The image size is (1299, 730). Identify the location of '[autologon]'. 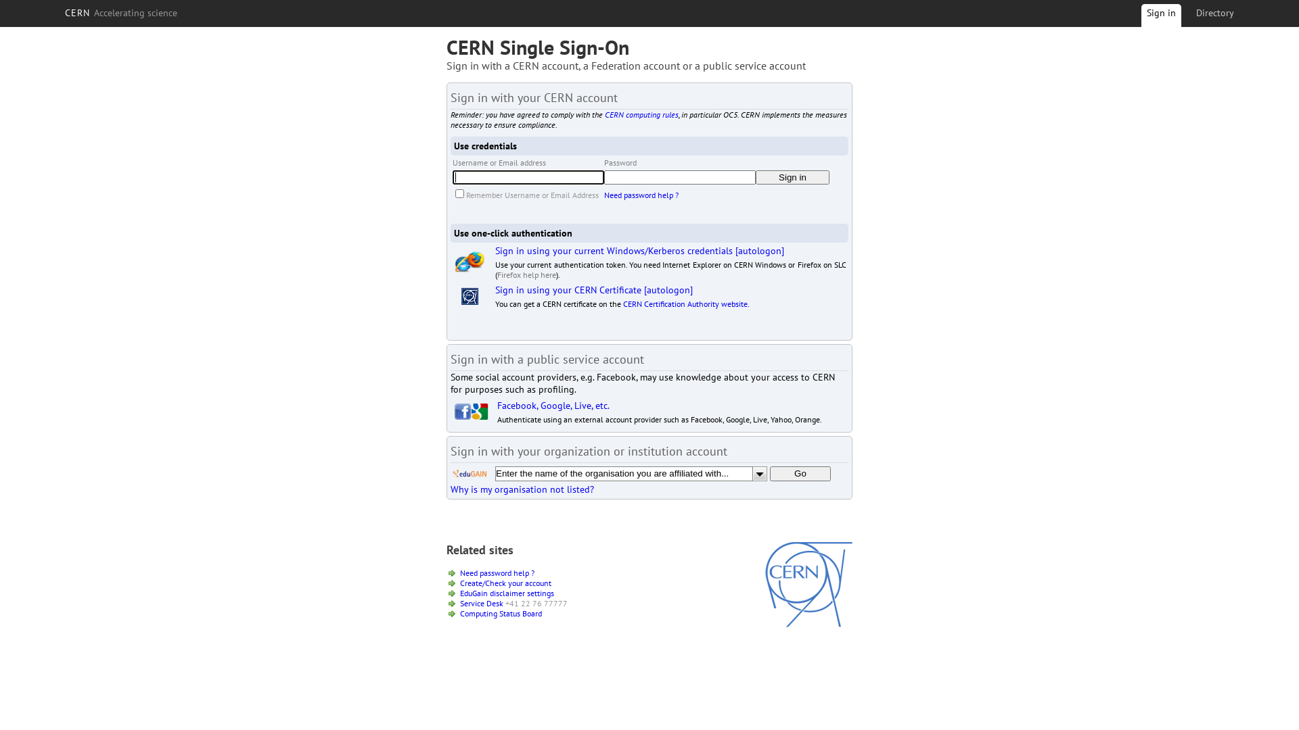
(760, 250).